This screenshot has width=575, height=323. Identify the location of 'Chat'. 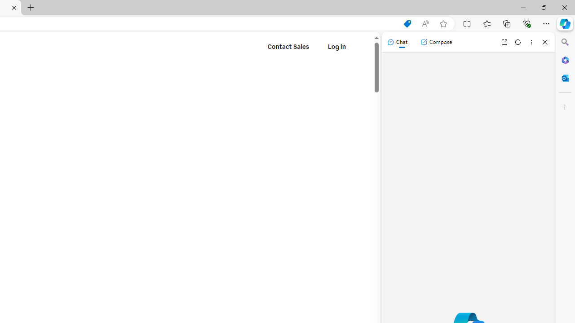
(397, 42).